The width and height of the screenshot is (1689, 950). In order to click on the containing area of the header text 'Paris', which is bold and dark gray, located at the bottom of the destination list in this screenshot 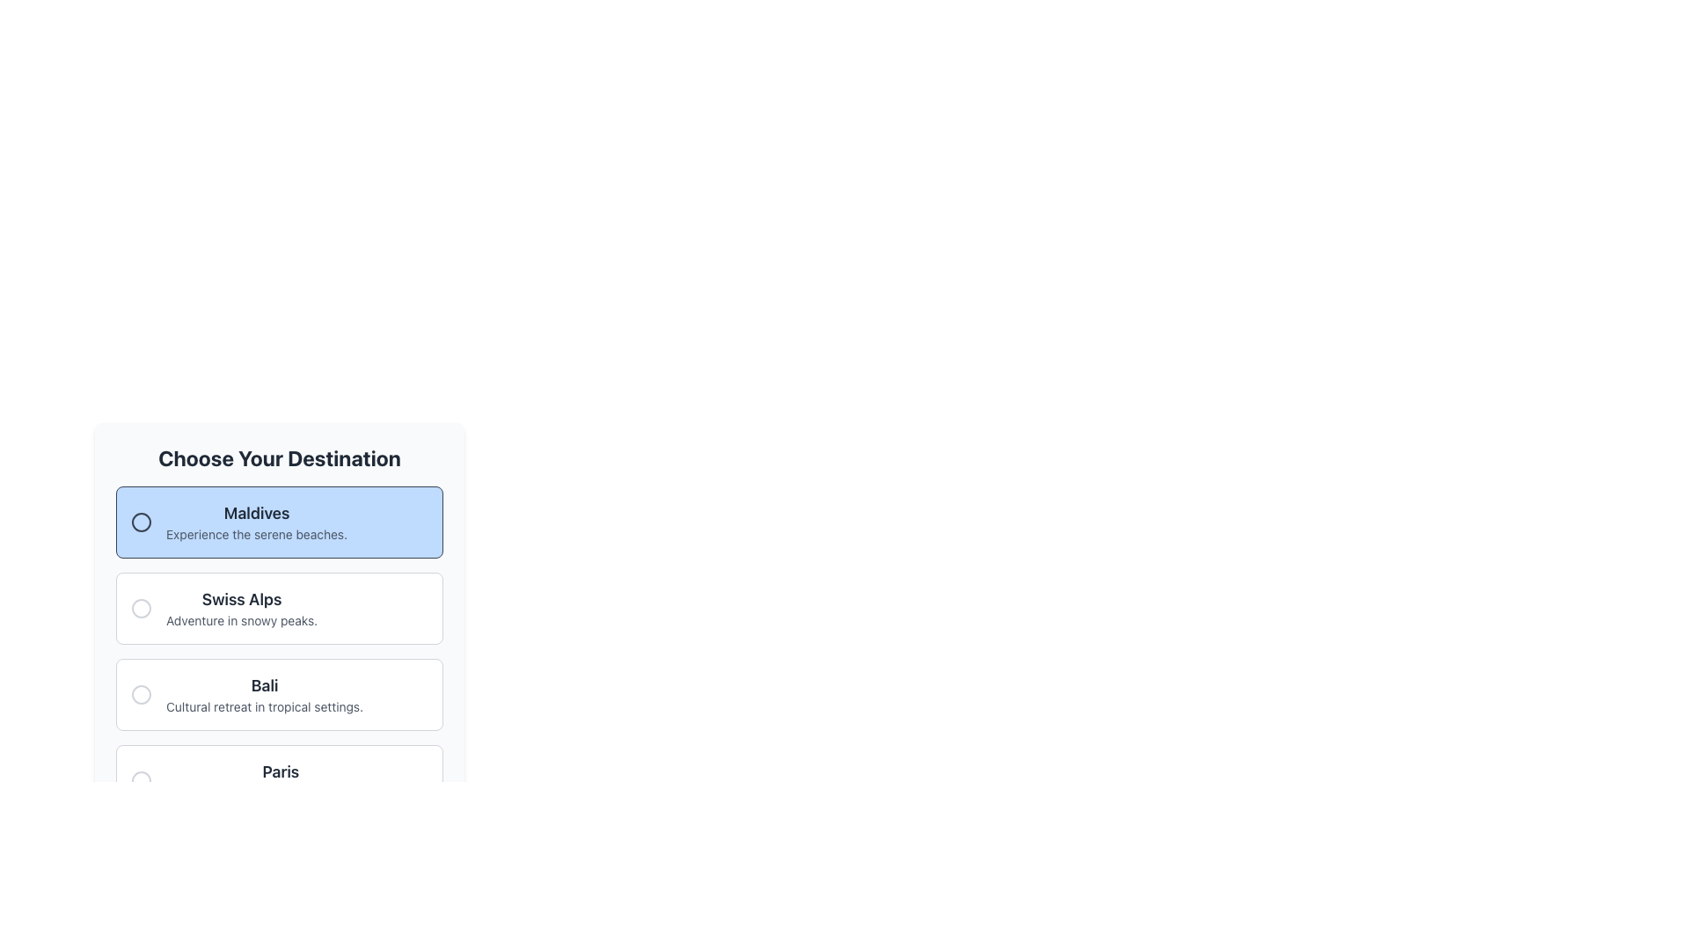, I will do `click(280, 771)`.